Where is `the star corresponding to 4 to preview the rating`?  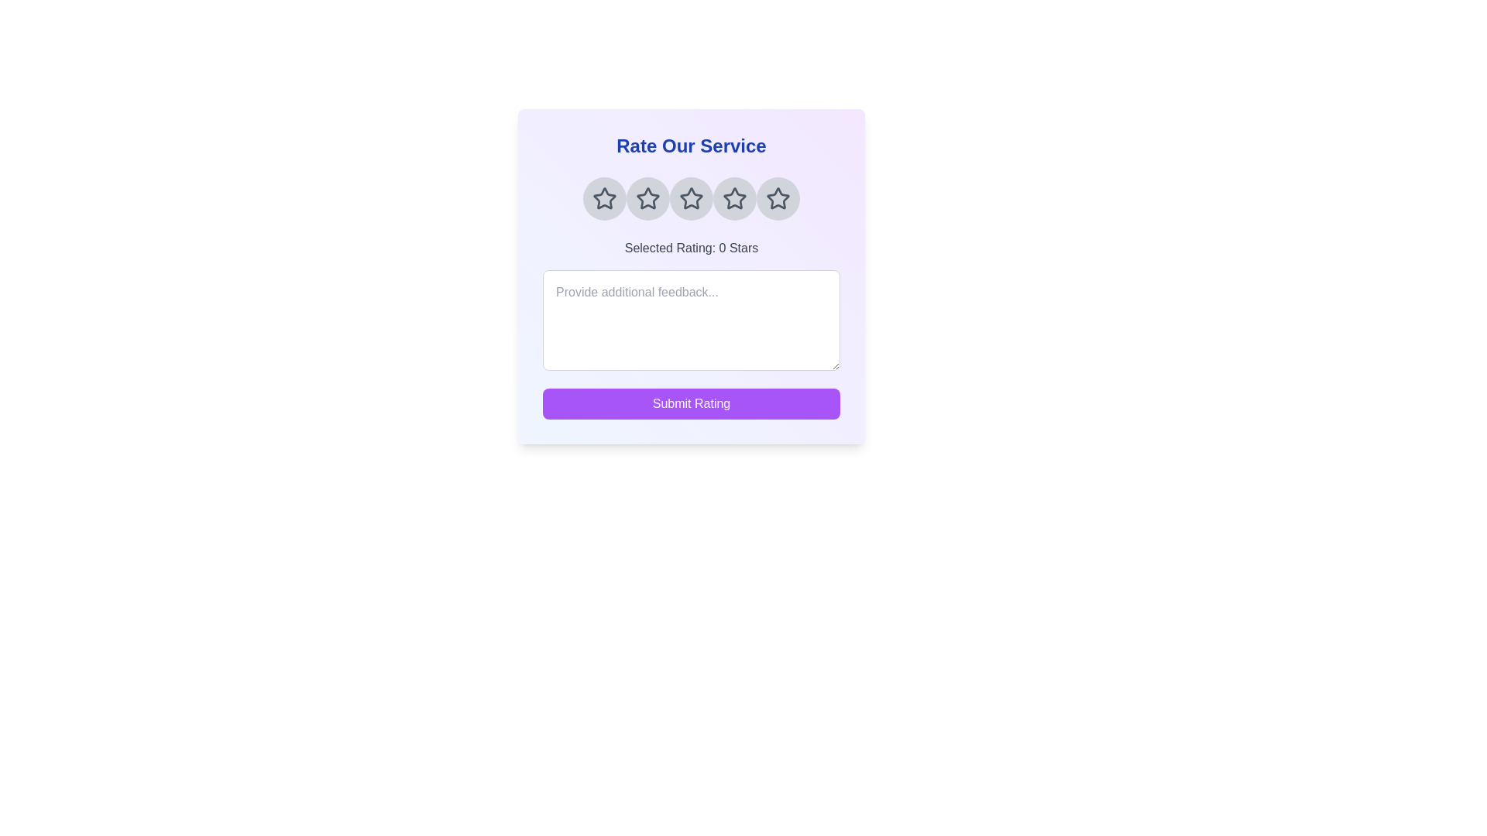 the star corresponding to 4 to preview the rating is located at coordinates (734, 198).